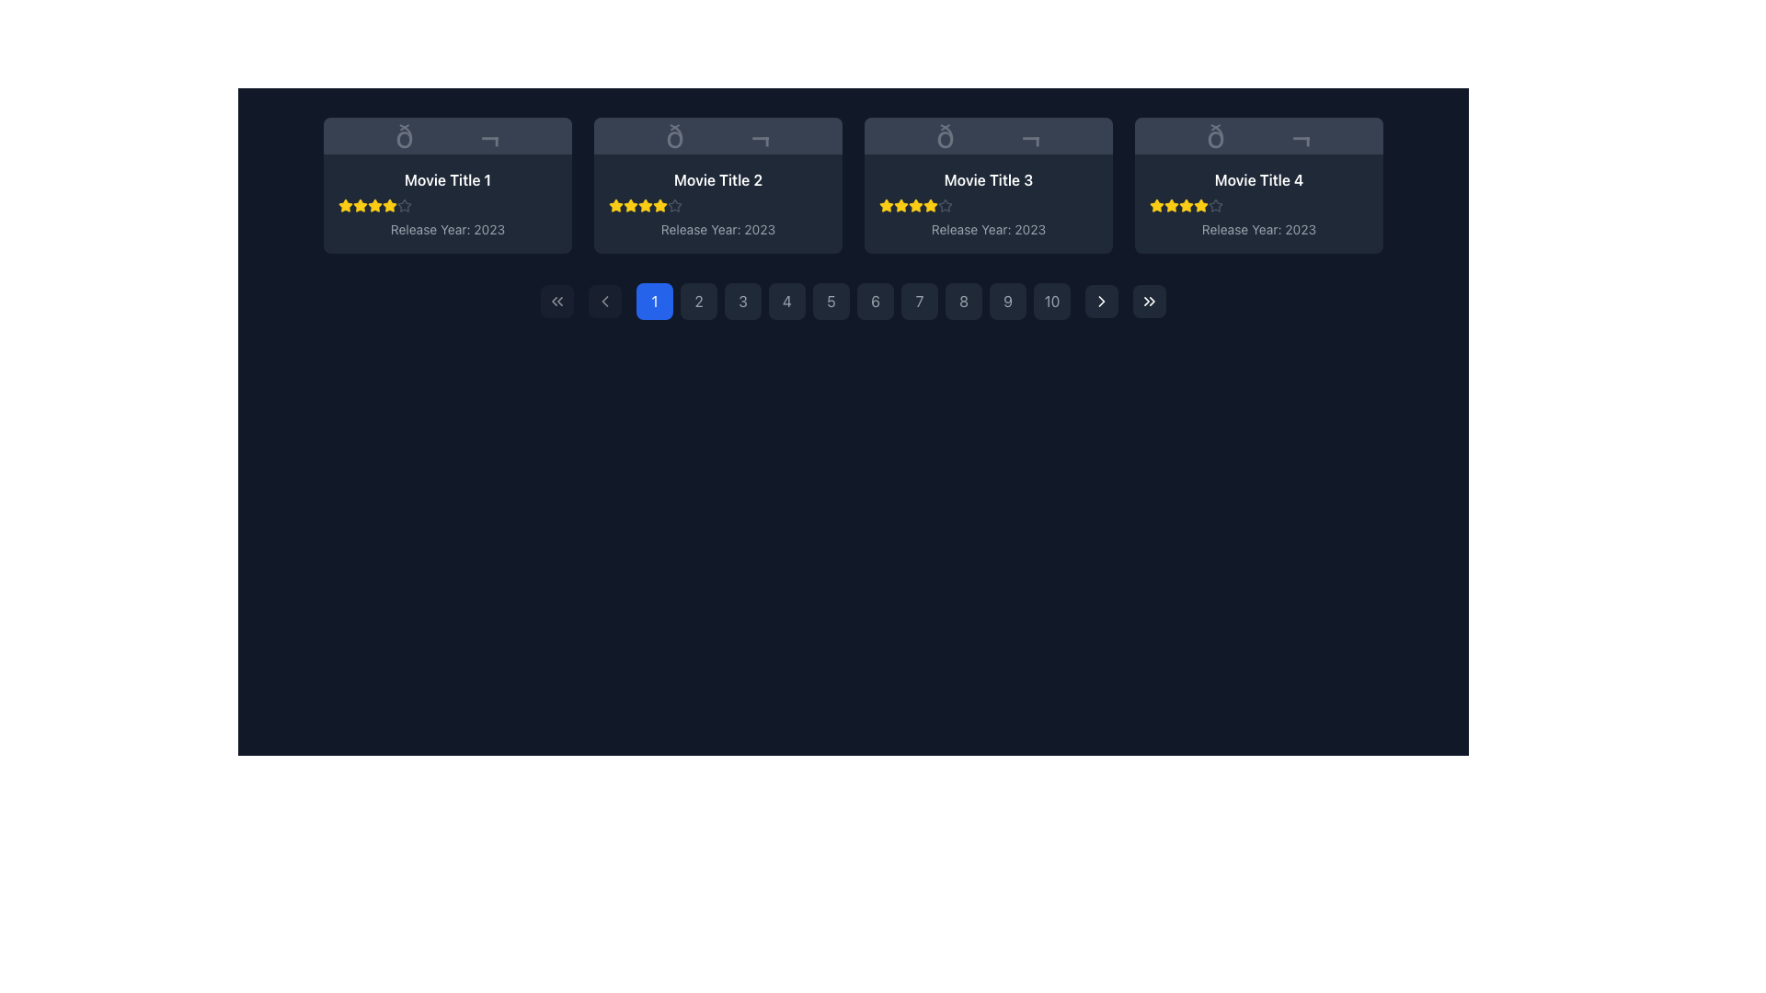 This screenshot has width=1766, height=993. What do you see at coordinates (852, 300) in the screenshot?
I see `the pagination button labeled '6'` at bounding box center [852, 300].